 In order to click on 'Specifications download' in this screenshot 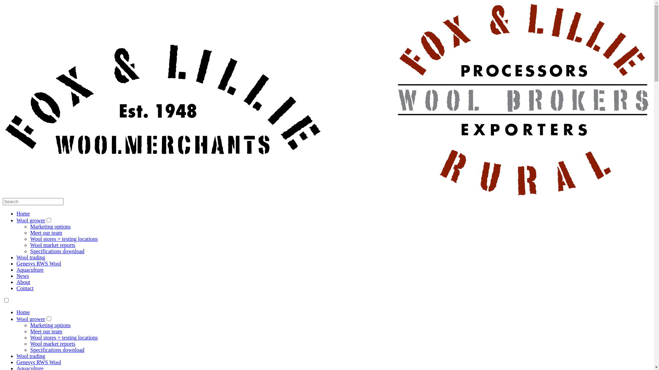, I will do `click(57, 251)`.